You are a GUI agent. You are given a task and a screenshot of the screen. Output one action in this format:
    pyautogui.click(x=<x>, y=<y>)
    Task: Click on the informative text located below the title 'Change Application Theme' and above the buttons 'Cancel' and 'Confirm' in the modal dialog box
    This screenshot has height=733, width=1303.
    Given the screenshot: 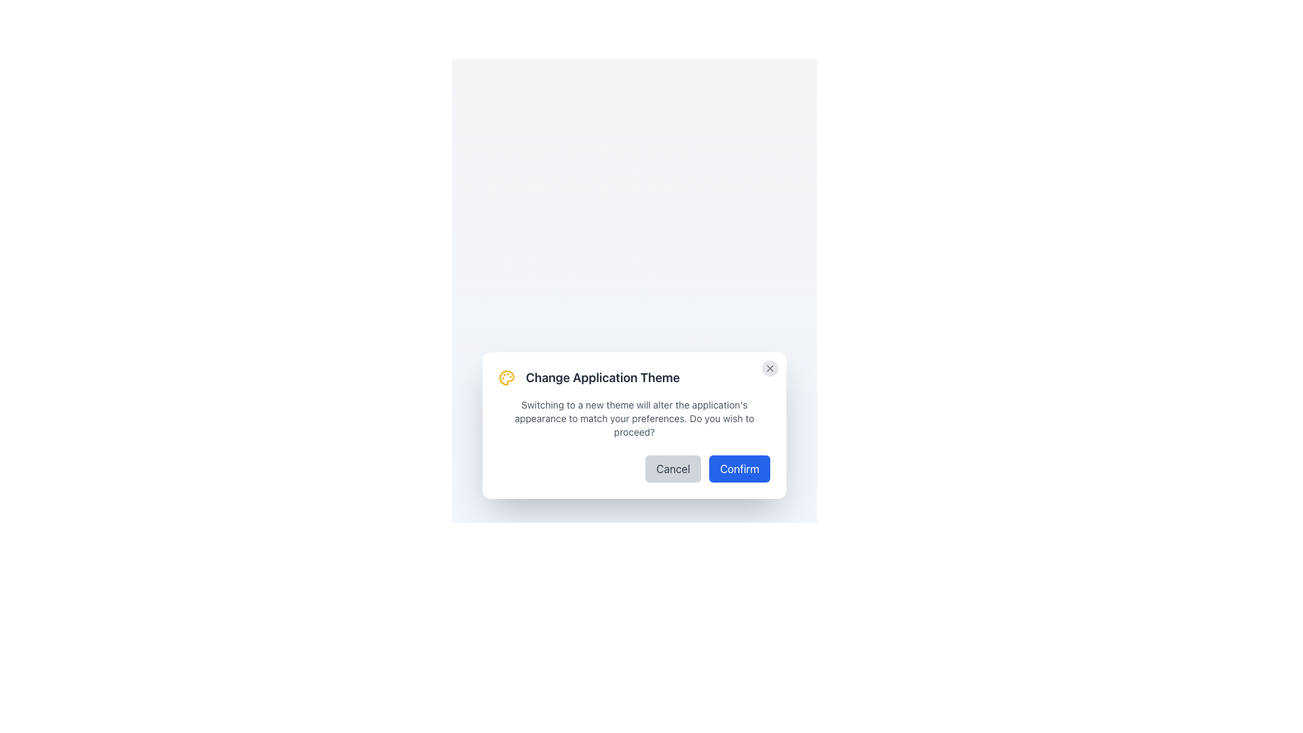 What is the action you would take?
    pyautogui.click(x=634, y=418)
    